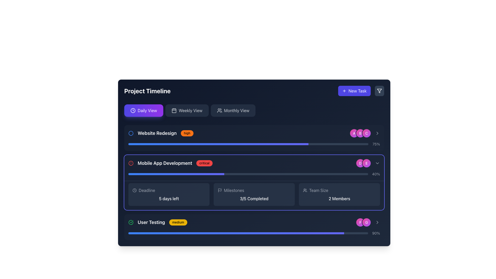 This screenshot has height=279, width=496. I want to click on progress, so click(233, 144).